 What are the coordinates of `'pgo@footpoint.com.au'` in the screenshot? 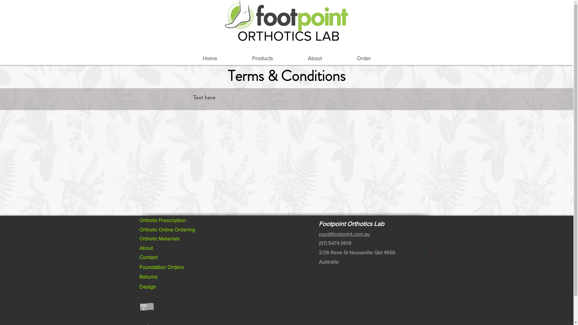 It's located at (318, 234).